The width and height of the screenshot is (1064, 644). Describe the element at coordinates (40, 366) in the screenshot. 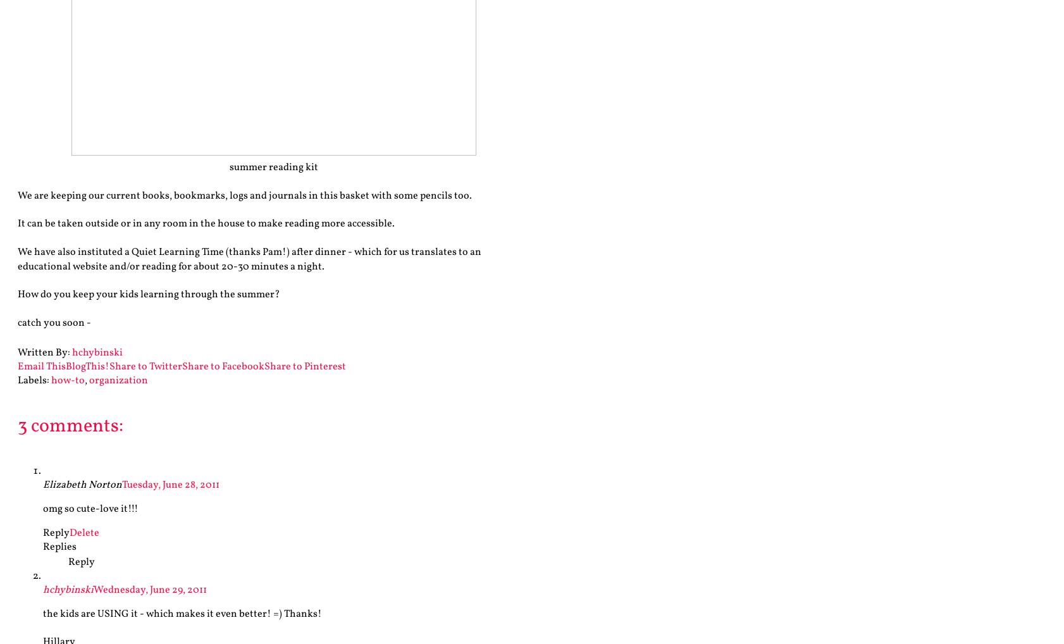

I see `'Email This'` at that location.